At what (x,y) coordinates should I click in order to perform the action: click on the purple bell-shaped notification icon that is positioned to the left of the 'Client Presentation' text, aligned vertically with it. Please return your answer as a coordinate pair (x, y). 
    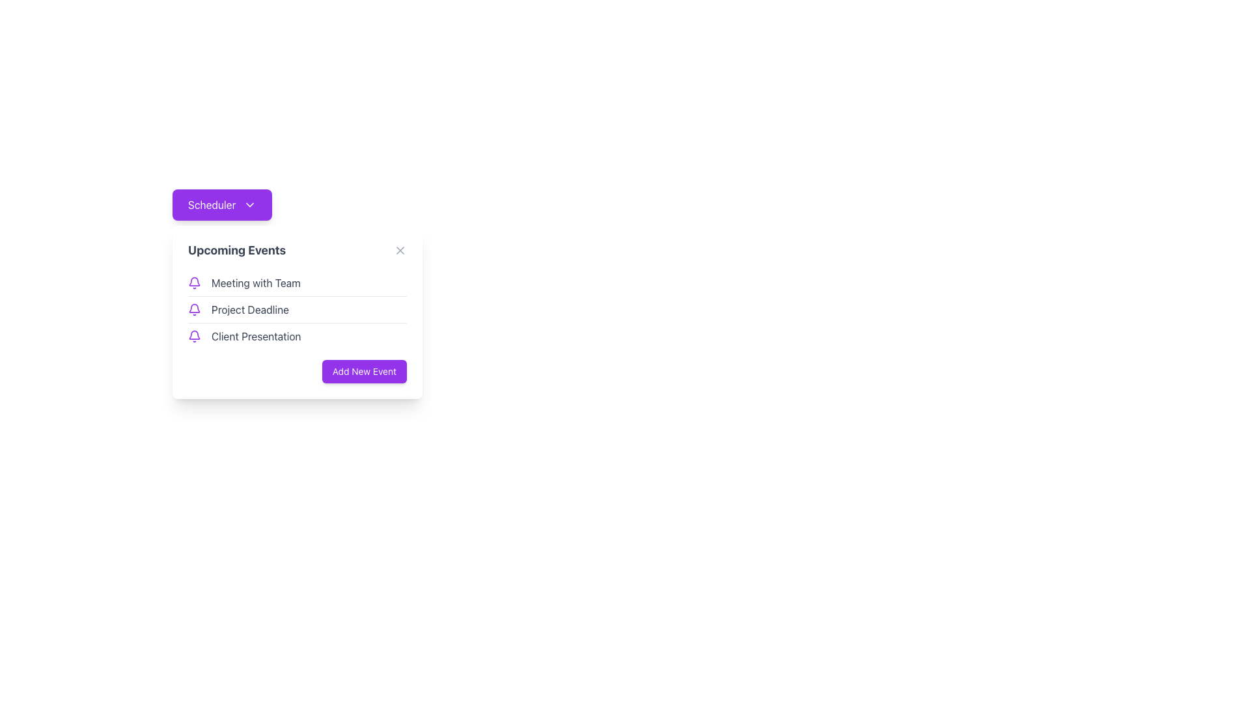
    Looking at the image, I should click on (193, 335).